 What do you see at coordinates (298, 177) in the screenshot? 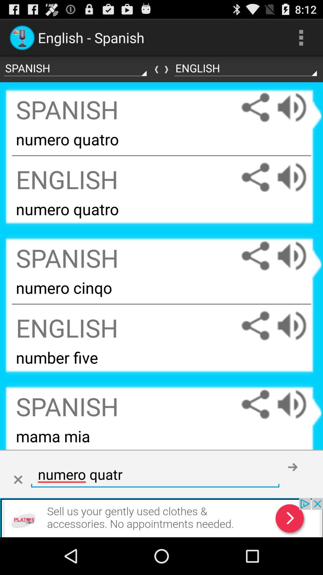
I see `autoplay option` at bounding box center [298, 177].